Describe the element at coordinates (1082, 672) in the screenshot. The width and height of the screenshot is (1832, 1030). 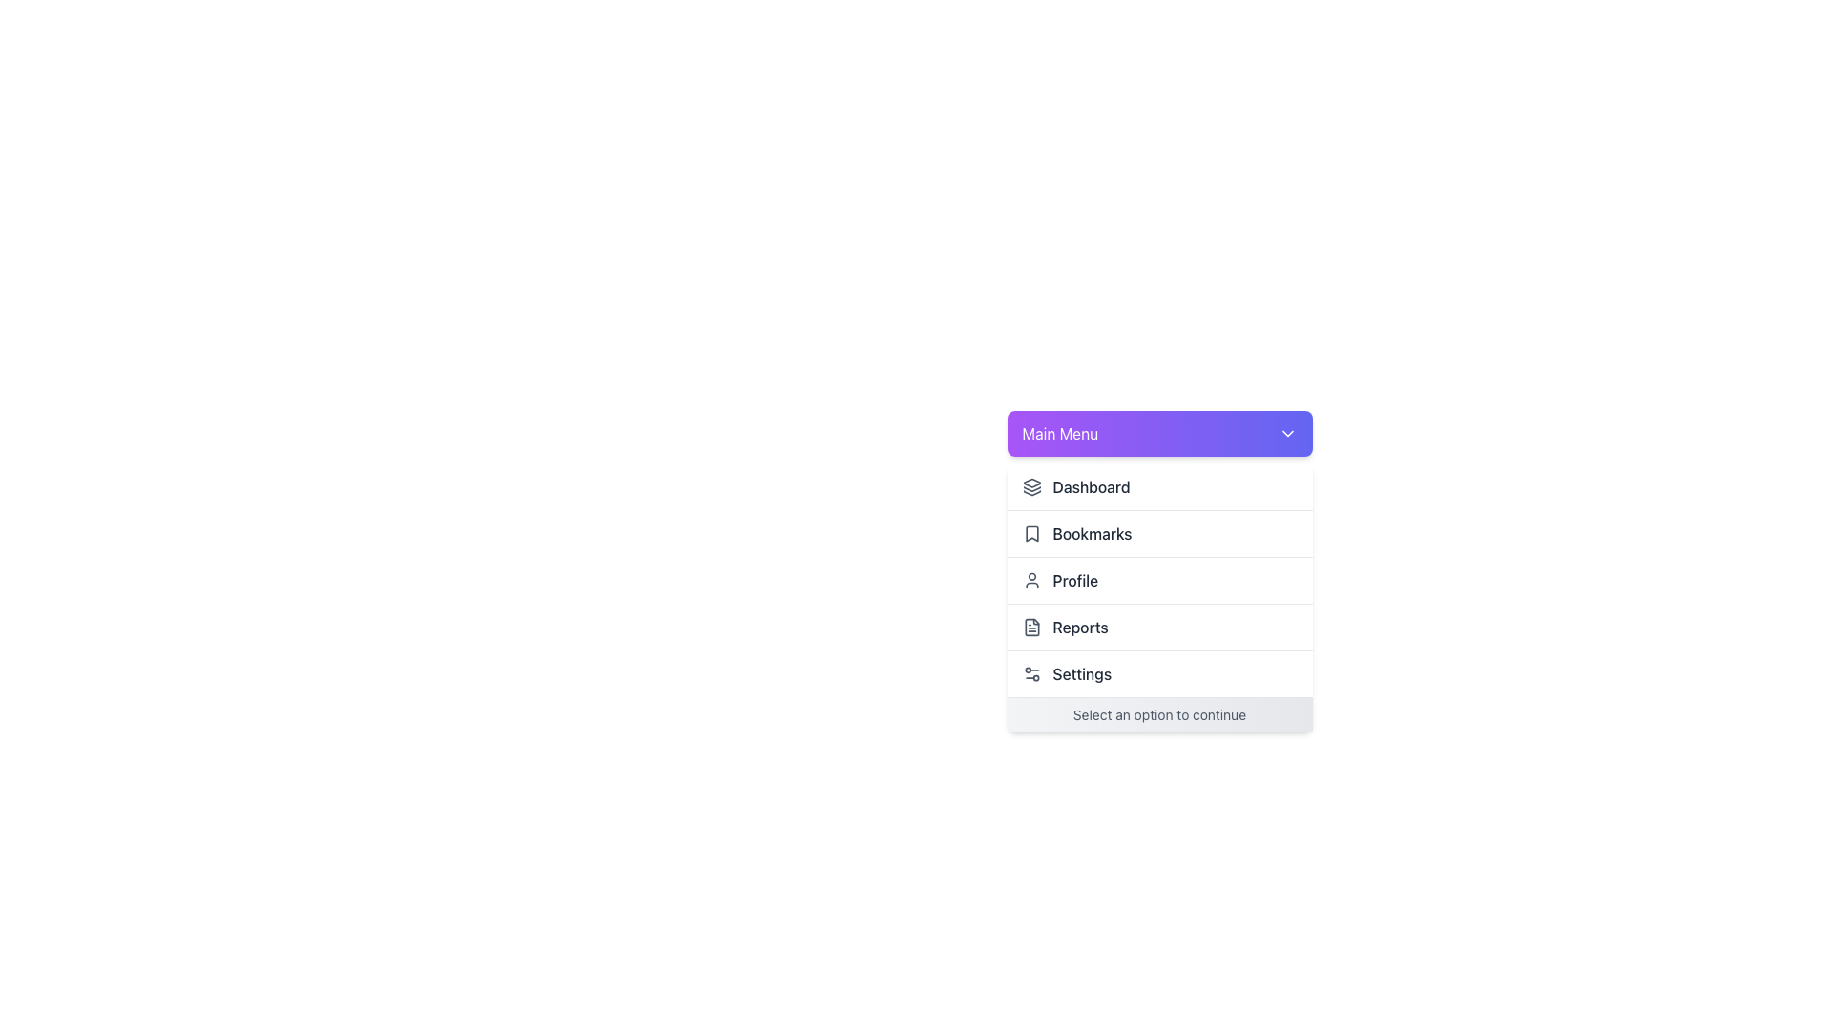
I see `the 'Settings' label located at the bottom-most interactive item of the vertical menu, following 'Reports', 'Profile', 'Bookmarks', and 'Dashboard'` at that location.